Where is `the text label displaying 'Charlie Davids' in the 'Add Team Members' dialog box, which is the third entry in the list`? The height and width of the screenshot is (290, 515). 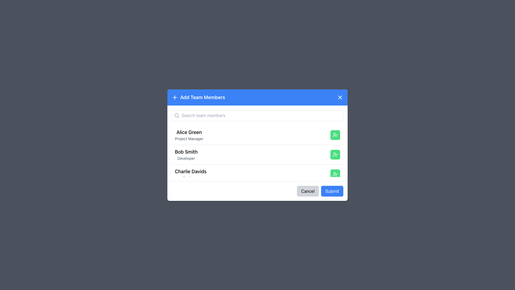 the text label displaying 'Charlie Davids' in the 'Add Team Members' dialog box, which is the third entry in the list is located at coordinates (190, 171).